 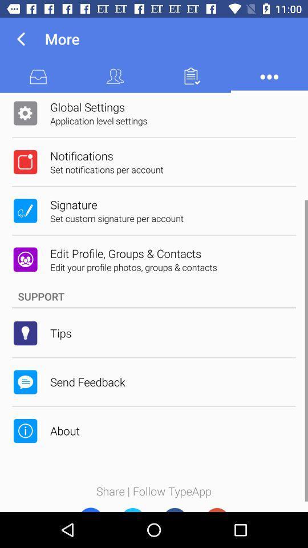 I want to click on the set custom signature icon, so click(x=116, y=217).